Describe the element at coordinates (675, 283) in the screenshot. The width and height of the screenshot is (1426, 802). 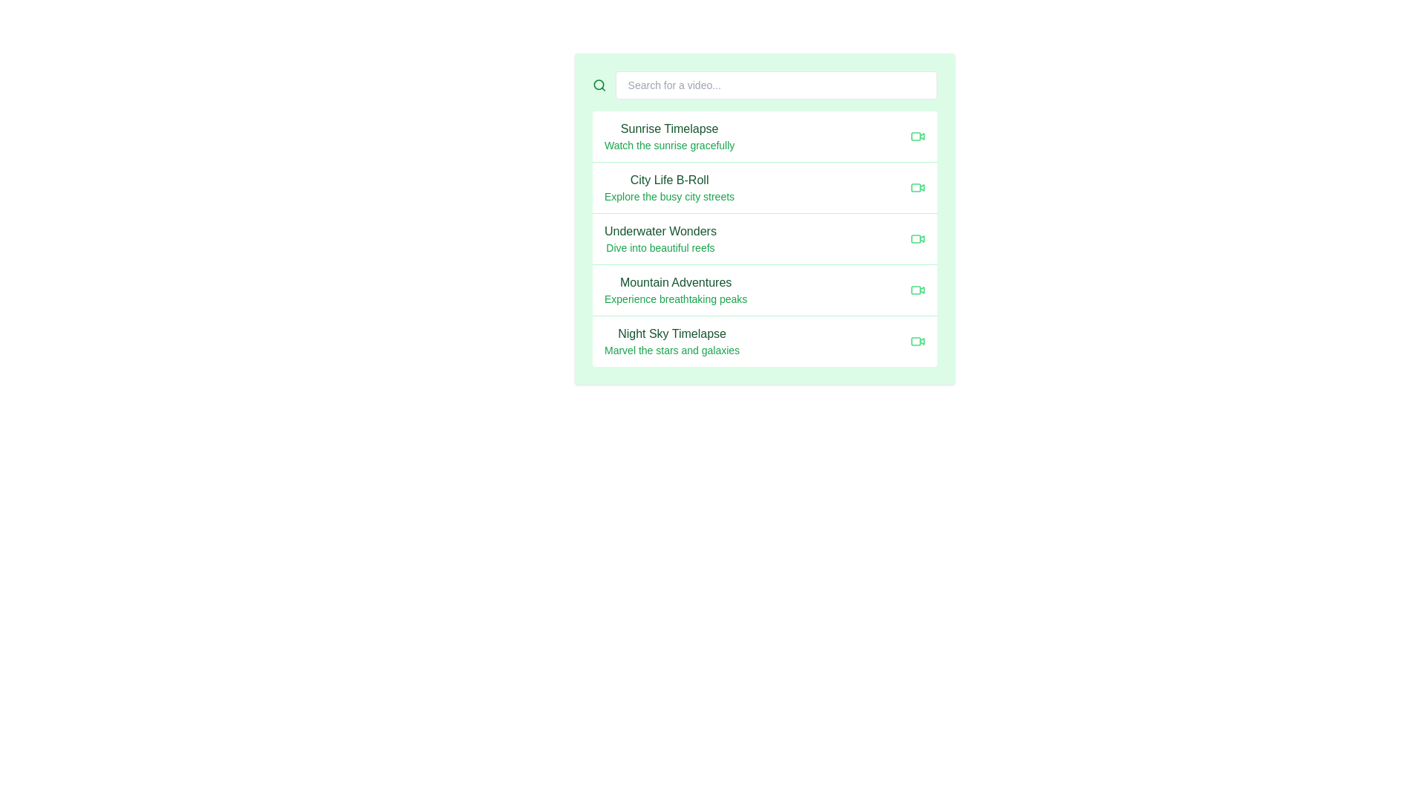
I see `the Text label that summarizes the list item, located under the third option and above the label 'Experience breathtaking peaks'` at that location.